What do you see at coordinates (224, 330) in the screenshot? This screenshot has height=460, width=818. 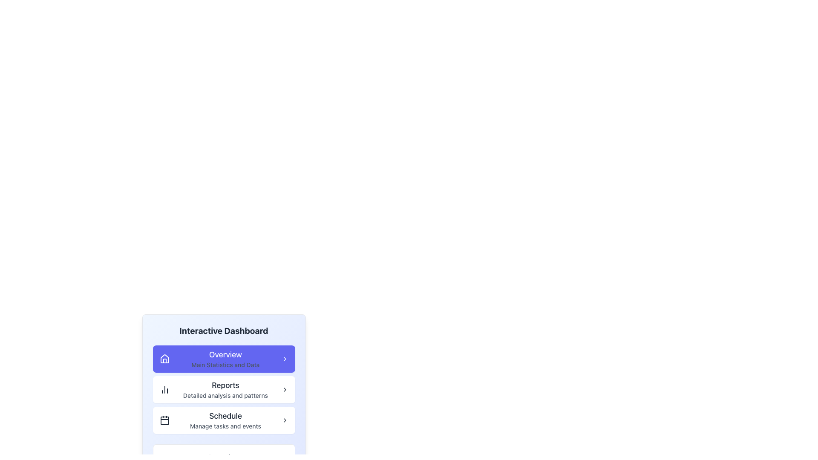 I see `static text label displaying 'Interactive Dashboard' which is positioned at the top center of the card-like layout` at bounding box center [224, 330].